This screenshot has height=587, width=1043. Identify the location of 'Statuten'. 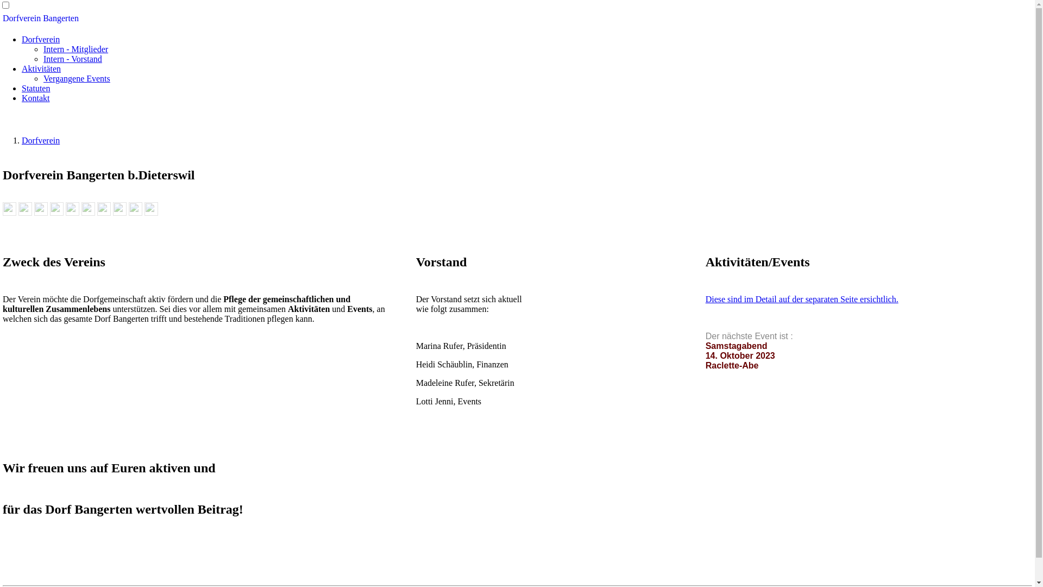
(21, 88).